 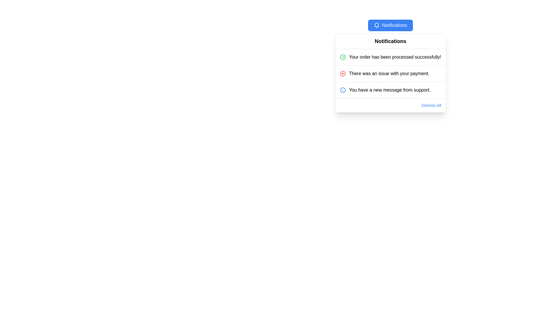 I want to click on the Notifications button which contains a blue bell icon at its beginning, symbolizing notifications, so click(x=376, y=25).